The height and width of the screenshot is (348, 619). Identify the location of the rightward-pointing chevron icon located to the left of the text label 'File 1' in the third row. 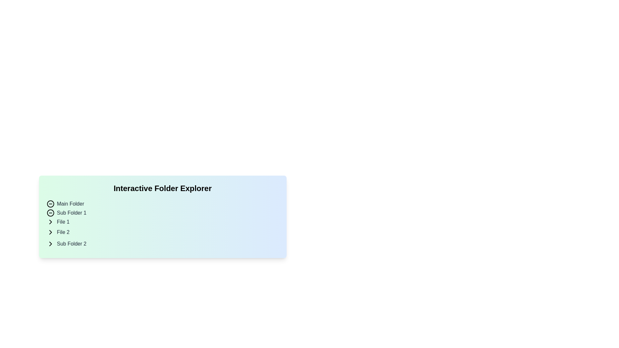
(50, 222).